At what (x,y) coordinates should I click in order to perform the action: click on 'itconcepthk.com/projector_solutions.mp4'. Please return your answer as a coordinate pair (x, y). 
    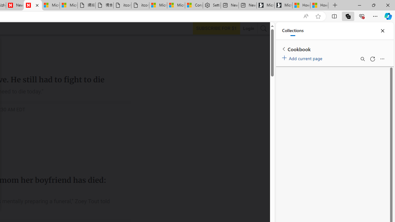
    Looking at the image, I should click on (140, 5).